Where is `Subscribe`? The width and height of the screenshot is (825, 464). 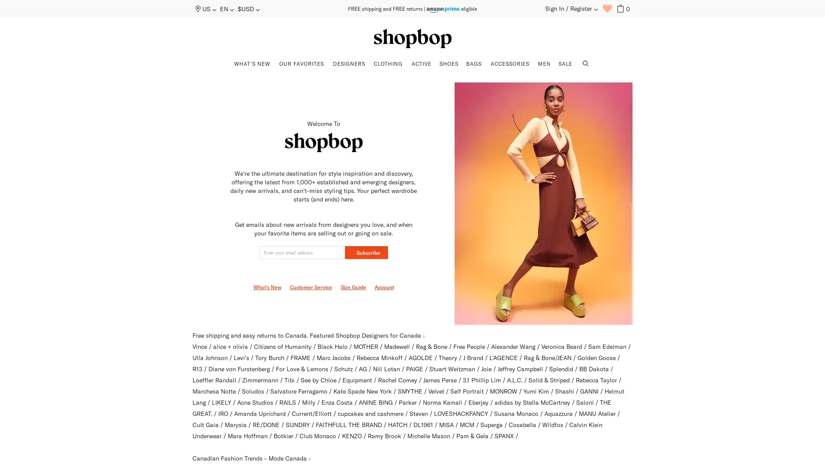
Subscribe is located at coordinates (367, 252).